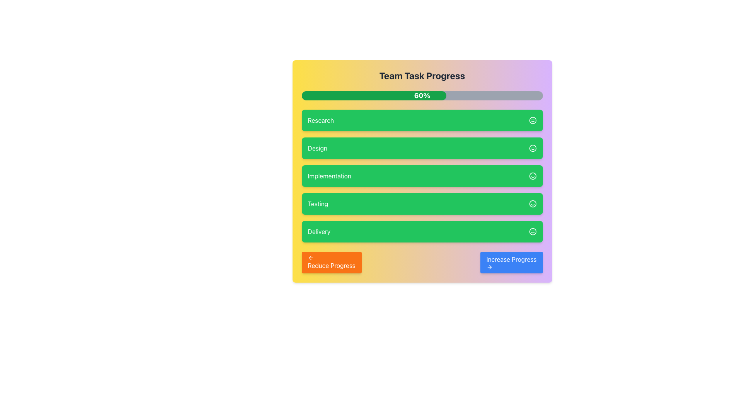 This screenshot has height=417, width=742. What do you see at coordinates (317, 148) in the screenshot?
I see `the 'Design' task text label, which is the second item in the vertically stacked list of green rectangular labels, positioned between 'Research' and 'Implementation'` at bounding box center [317, 148].